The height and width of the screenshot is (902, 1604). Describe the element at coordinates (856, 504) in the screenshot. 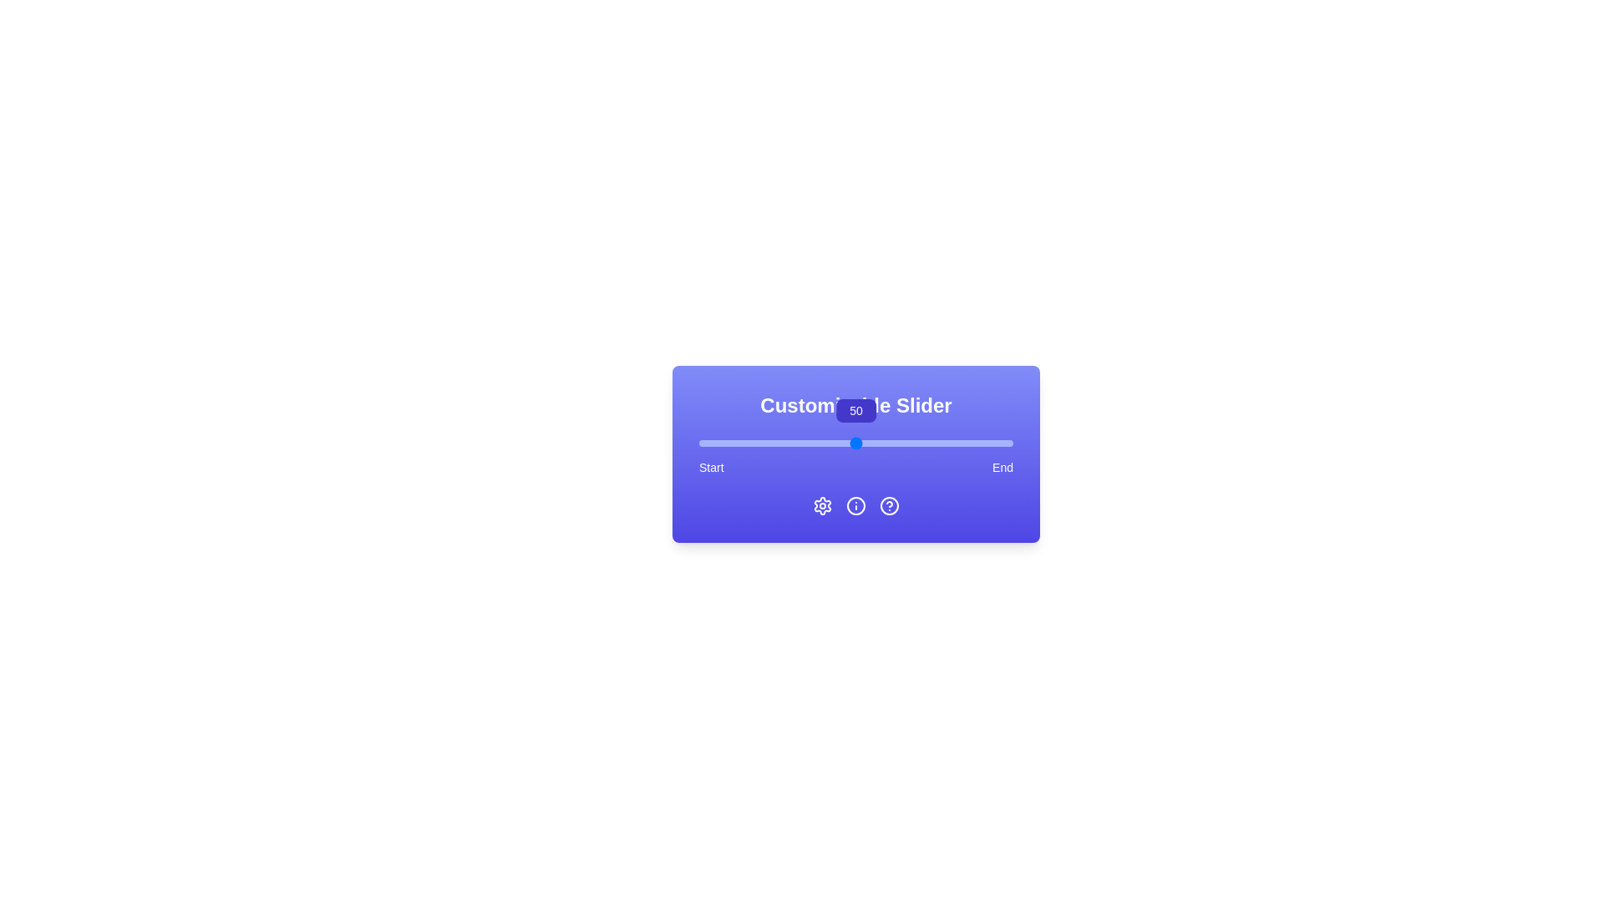

I see `the info icon located at the bottom center of the component` at that location.